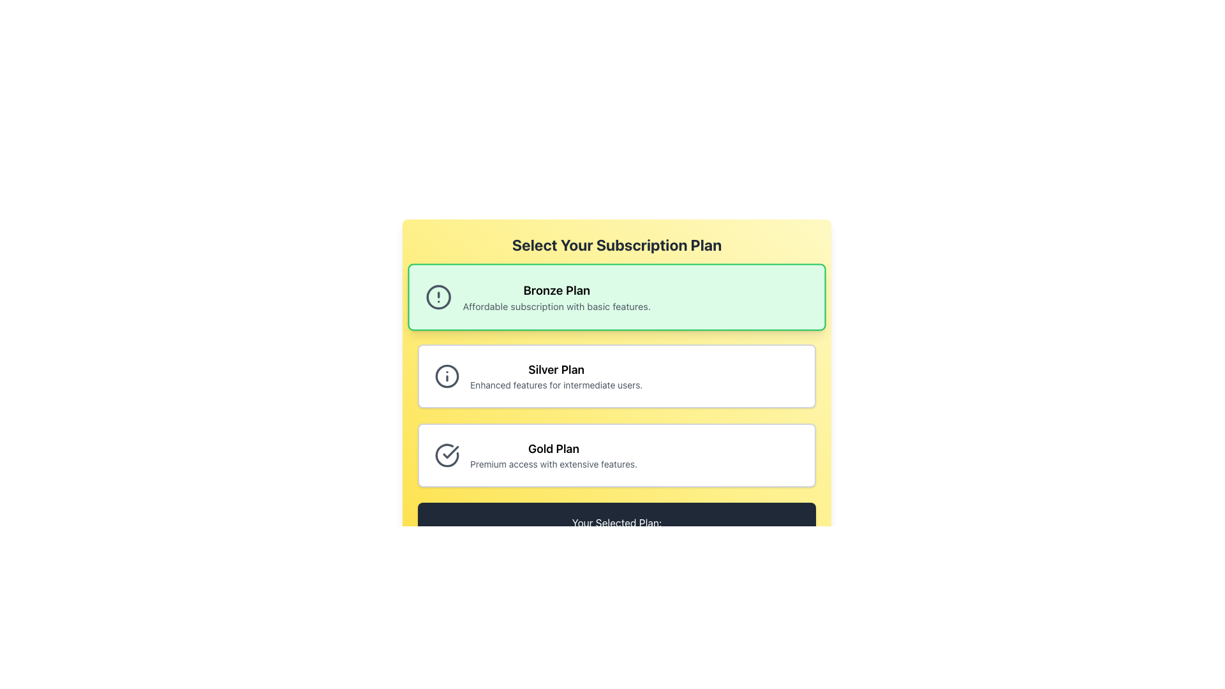  Describe the element at coordinates (556, 297) in the screenshot. I see `content displayed in the Text Block for the 'Bronze Plan', which is located at the center of the first subscription option on the page` at that location.